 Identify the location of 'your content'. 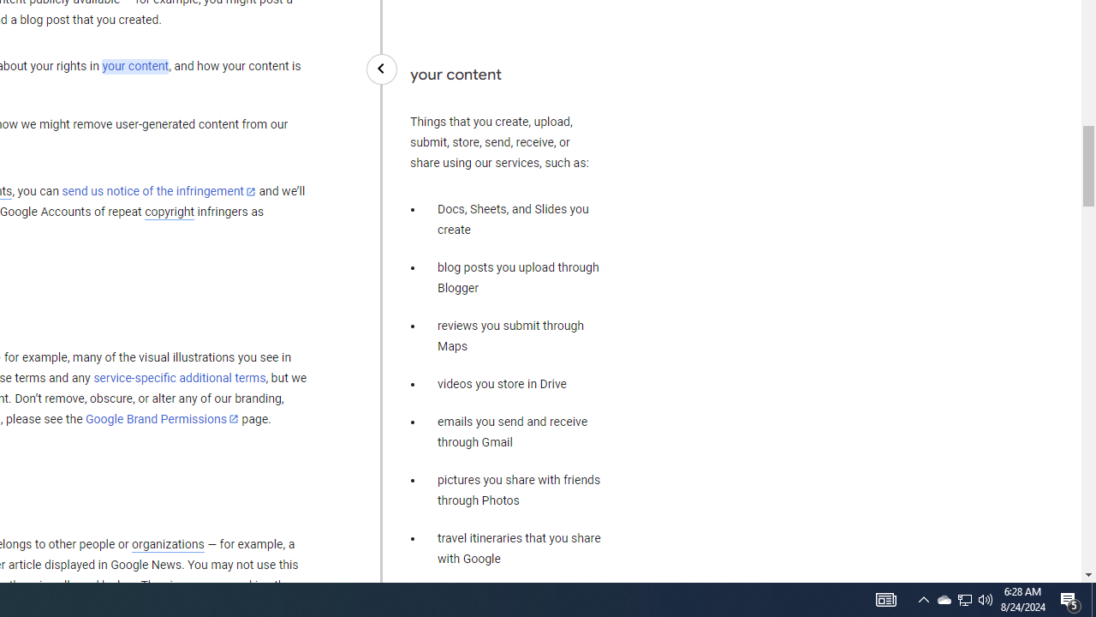
(134, 66).